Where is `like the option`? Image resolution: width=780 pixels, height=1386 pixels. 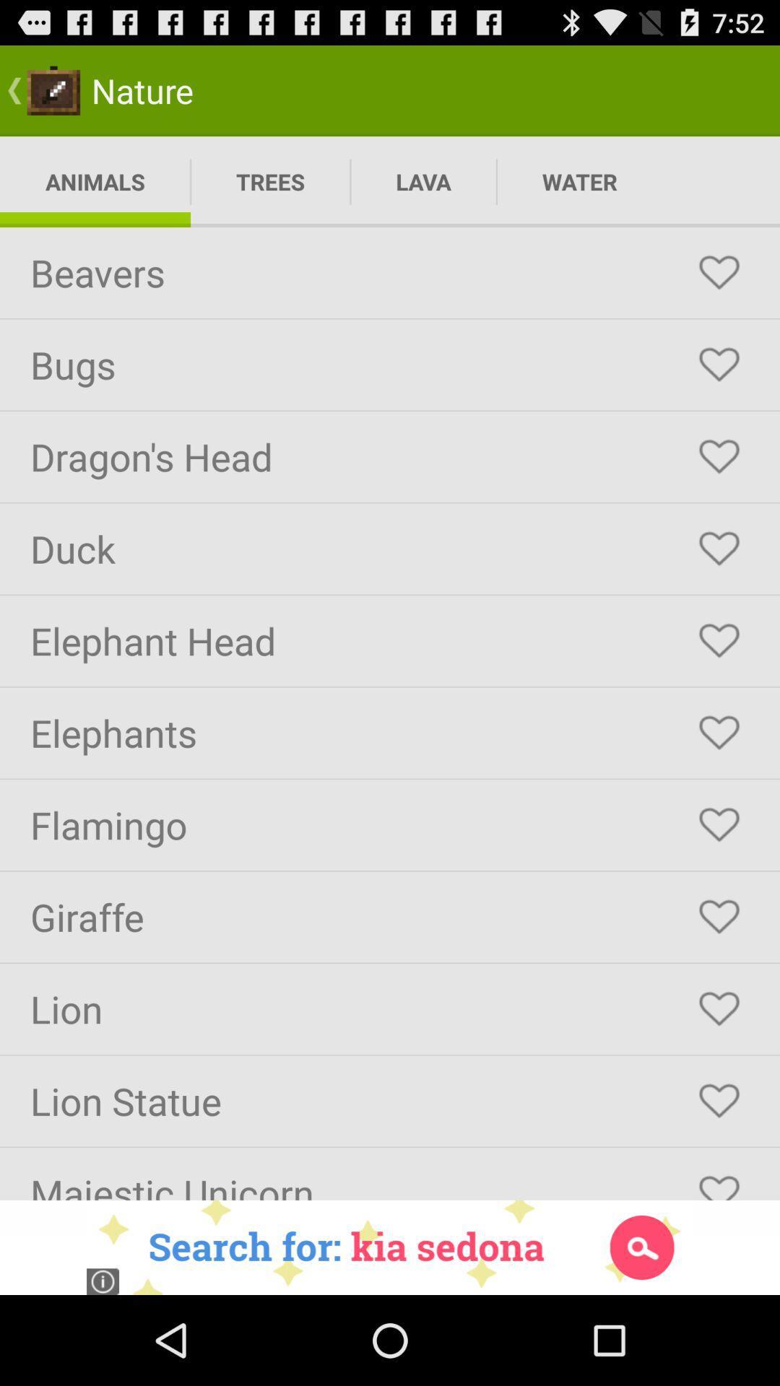
like the option is located at coordinates (719, 1181).